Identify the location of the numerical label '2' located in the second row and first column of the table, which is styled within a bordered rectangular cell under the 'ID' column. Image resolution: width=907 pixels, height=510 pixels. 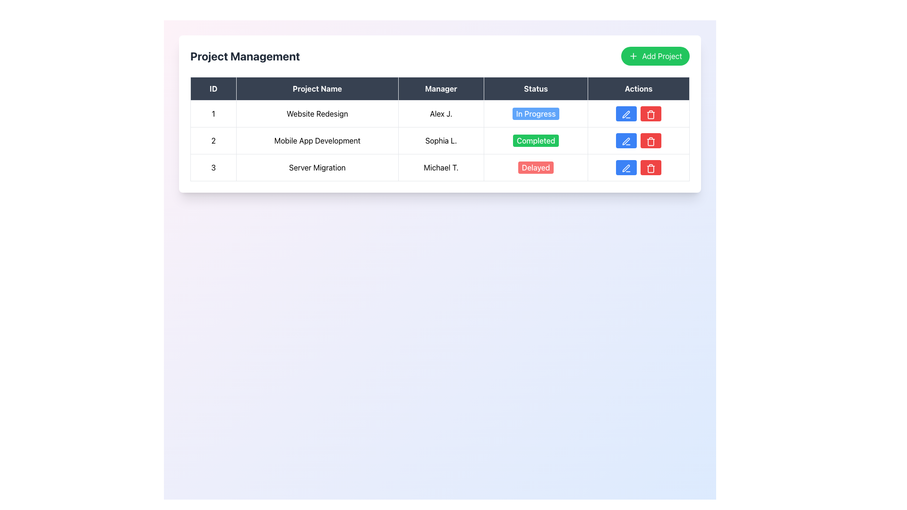
(213, 140).